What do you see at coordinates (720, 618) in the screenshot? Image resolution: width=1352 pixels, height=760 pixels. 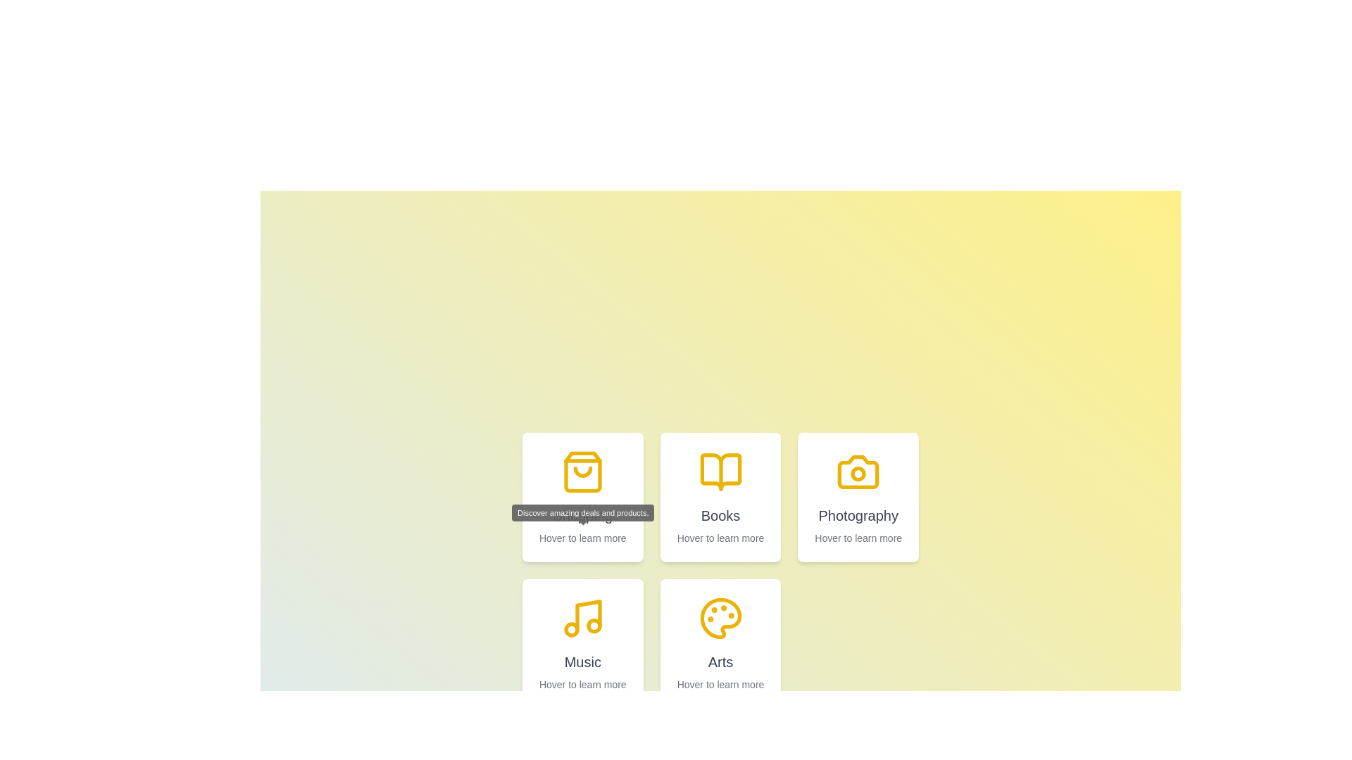 I see `the circular artist's palette icon, which is colored yellow and located within the tile labeled 'Arts'` at bounding box center [720, 618].